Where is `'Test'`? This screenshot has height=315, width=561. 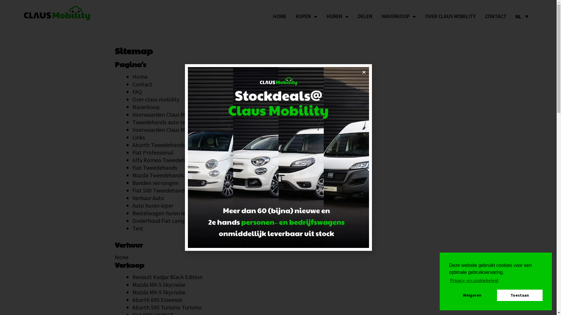
'Test' is located at coordinates (137, 228).